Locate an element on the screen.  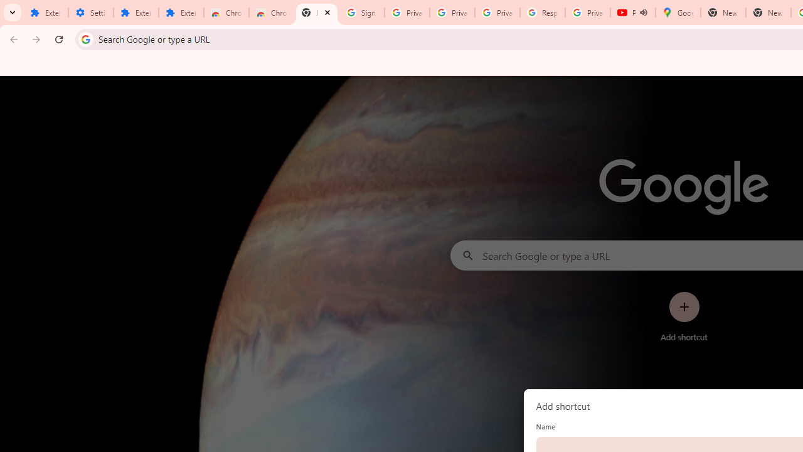
'Settings' is located at coordinates (90, 13).